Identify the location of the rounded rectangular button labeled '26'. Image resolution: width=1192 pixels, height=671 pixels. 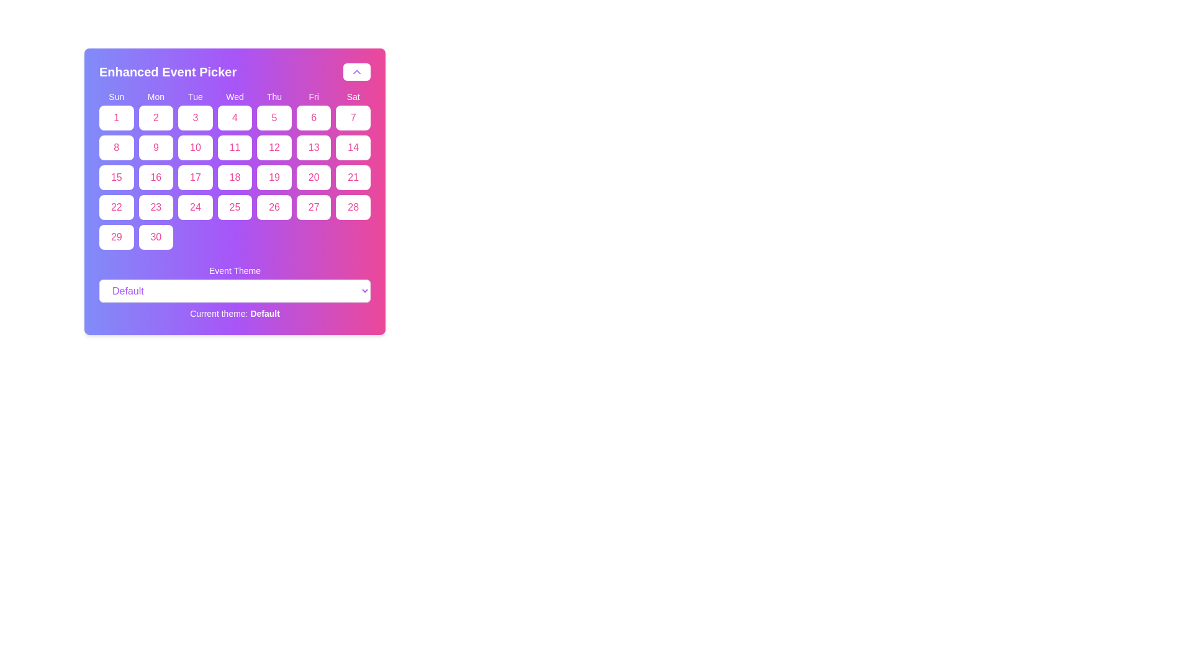
(273, 207).